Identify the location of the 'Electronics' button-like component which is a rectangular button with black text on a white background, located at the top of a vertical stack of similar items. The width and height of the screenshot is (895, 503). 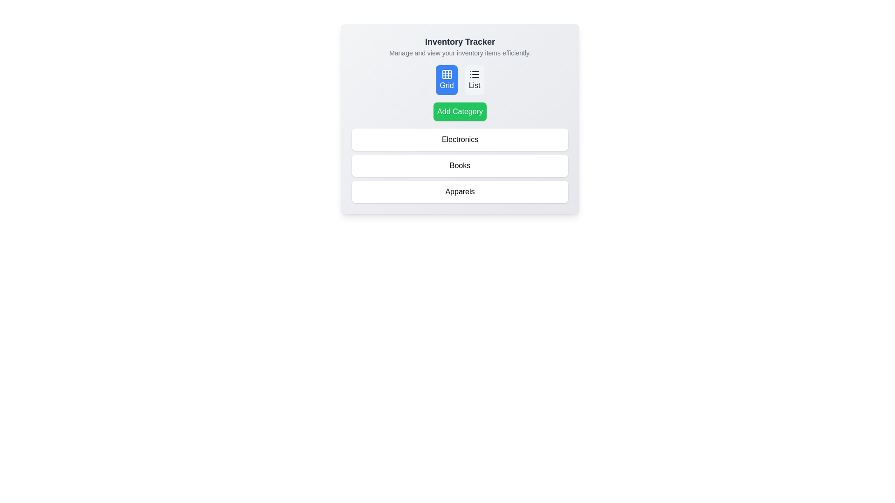
(460, 140).